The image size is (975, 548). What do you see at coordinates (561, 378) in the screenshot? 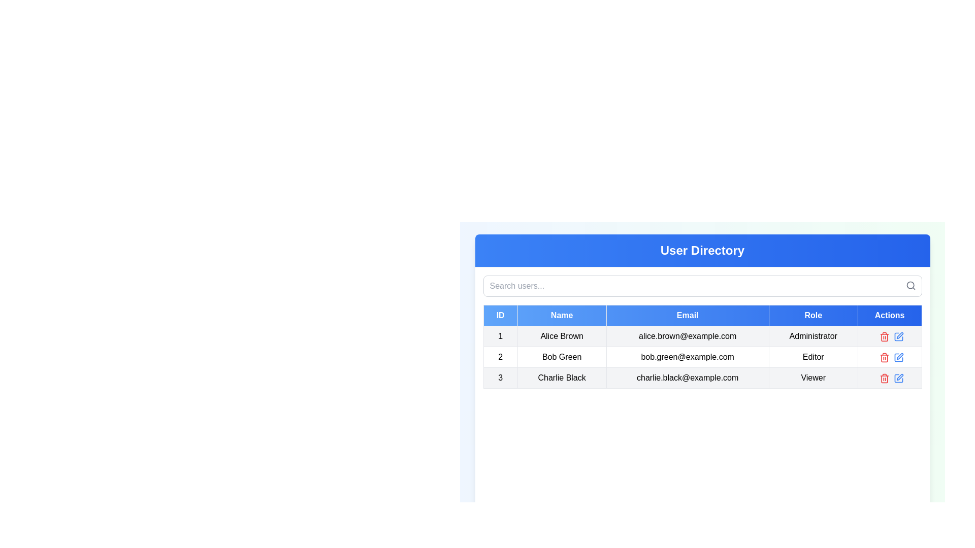
I see `the text display element showing the name 'Charlie Black' in the second column of the third row of the User Directory table` at bounding box center [561, 378].